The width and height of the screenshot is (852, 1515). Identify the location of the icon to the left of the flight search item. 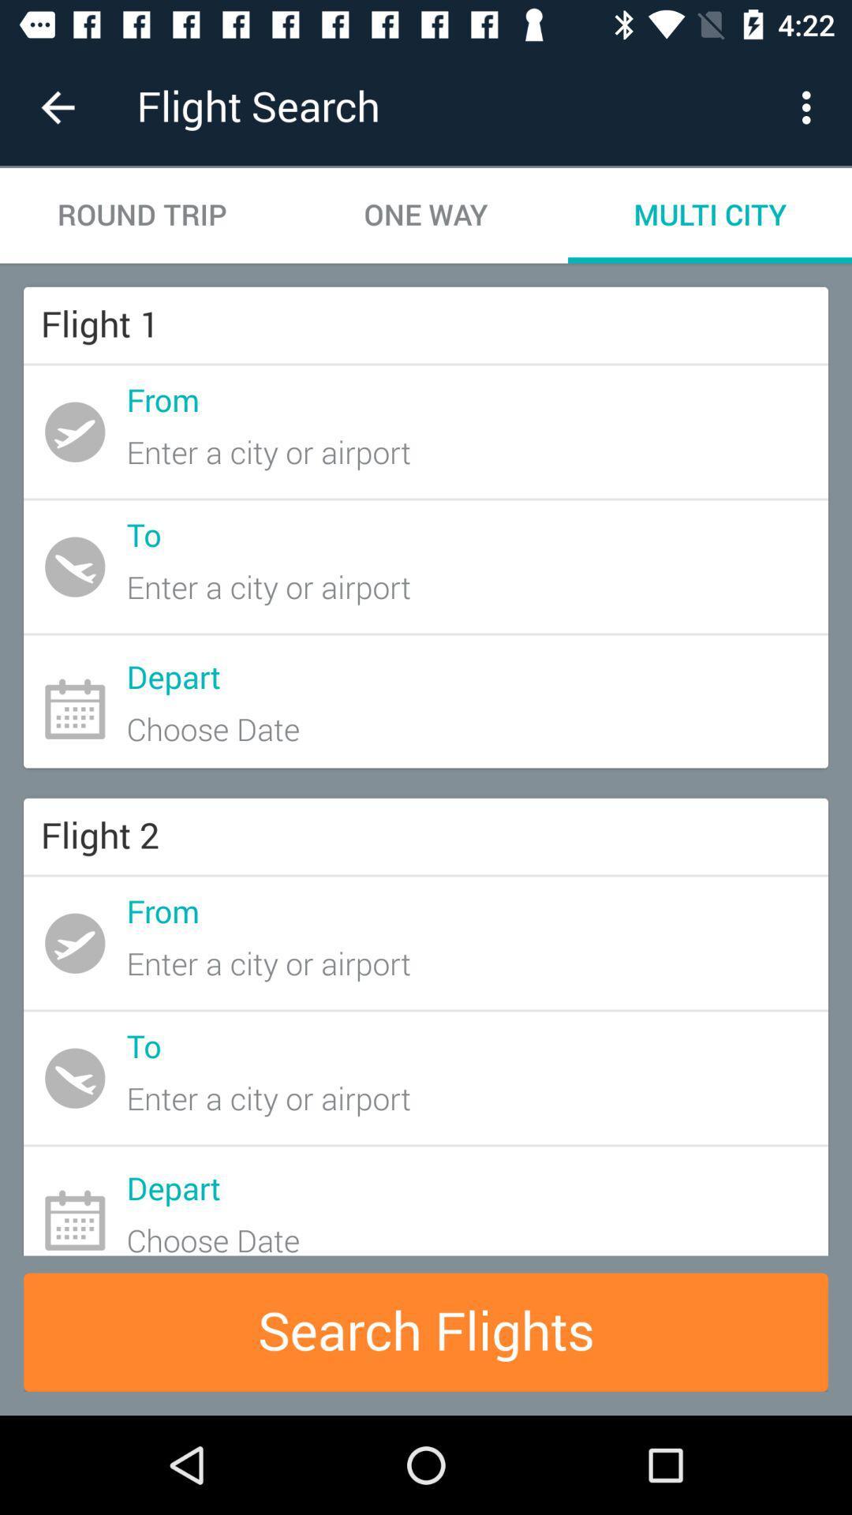
(57, 107).